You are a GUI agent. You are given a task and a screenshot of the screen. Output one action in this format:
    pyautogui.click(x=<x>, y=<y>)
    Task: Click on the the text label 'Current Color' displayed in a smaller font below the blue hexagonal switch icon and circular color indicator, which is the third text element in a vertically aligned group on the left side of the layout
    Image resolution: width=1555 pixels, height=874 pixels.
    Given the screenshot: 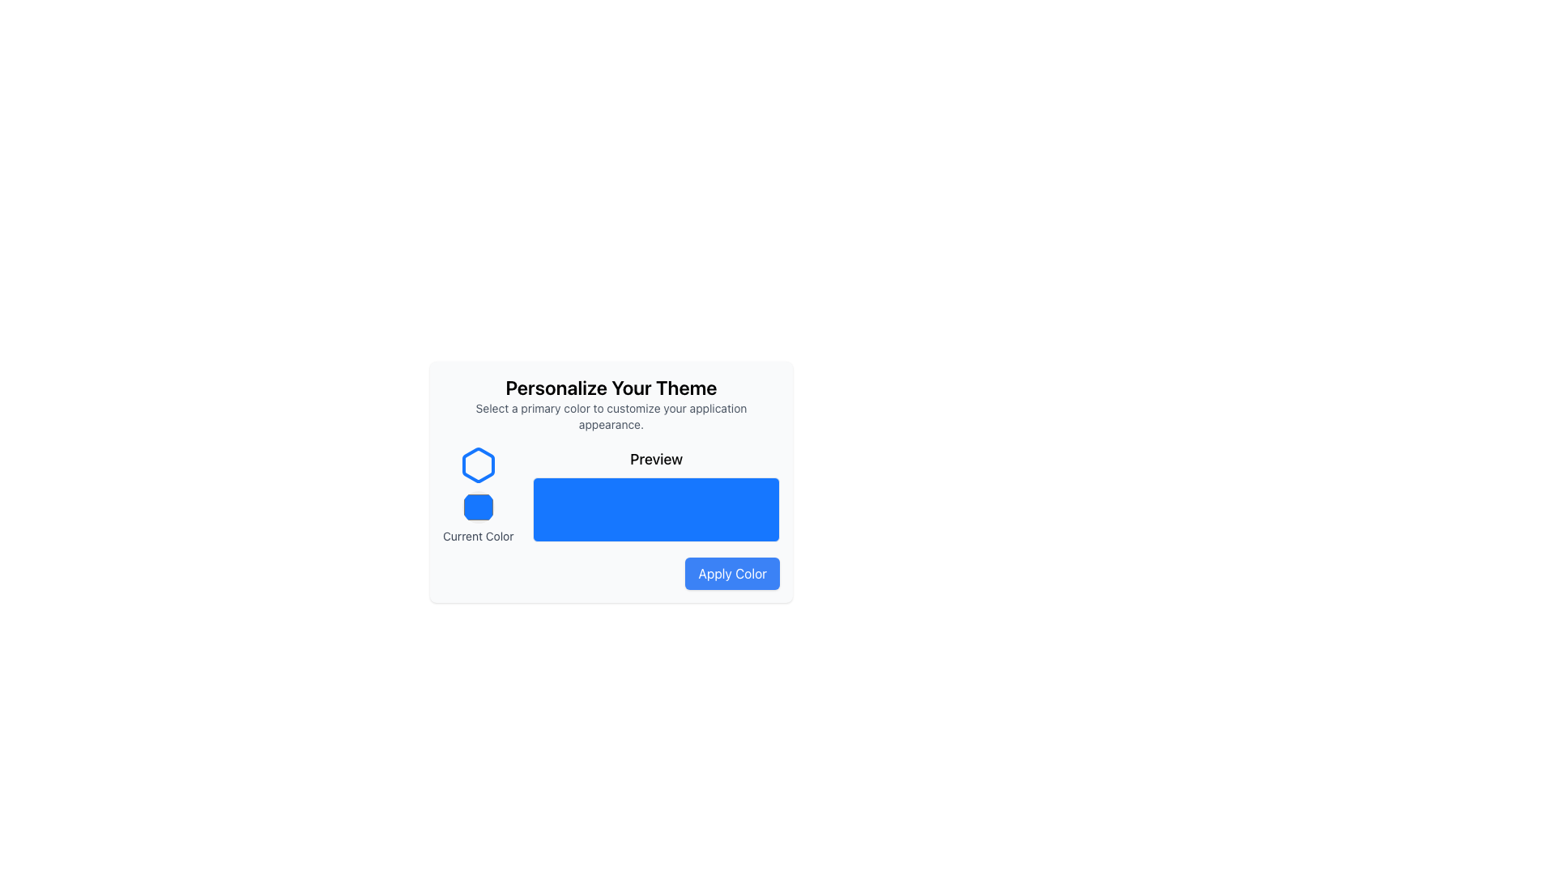 What is the action you would take?
    pyautogui.click(x=477, y=494)
    